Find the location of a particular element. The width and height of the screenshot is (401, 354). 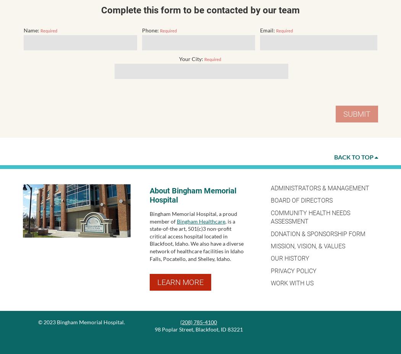

'© 2023 Bingham Memorial Hospital.' is located at coordinates (81, 322).